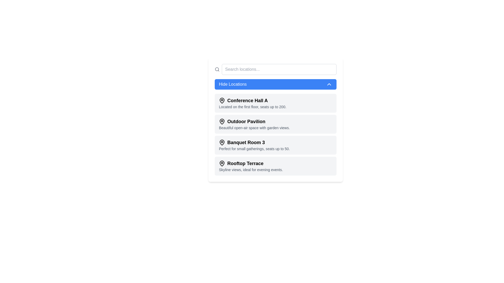 The width and height of the screenshot is (504, 283). What do you see at coordinates (250, 163) in the screenshot?
I see `the 'Rooftop Terrace' text label` at bounding box center [250, 163].